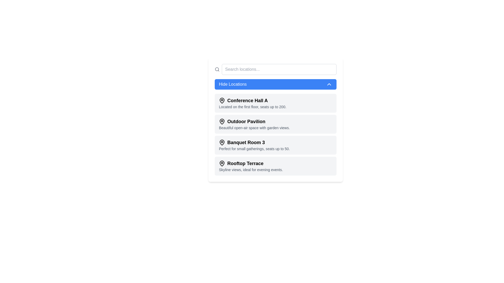 The width and height of the screenshot is (504, 283). What do you see at coordinates (250, 163) in the screenshot?
I see `the 'Rooftop Terrace' text label` at bounding box center [250, 163].